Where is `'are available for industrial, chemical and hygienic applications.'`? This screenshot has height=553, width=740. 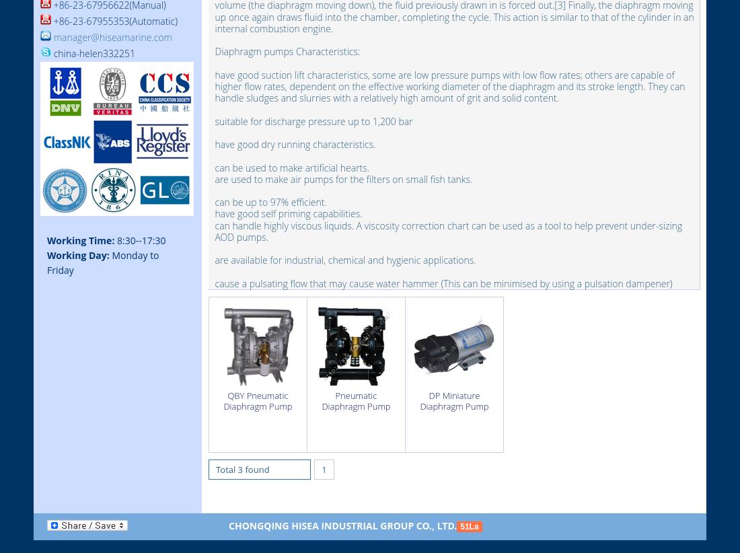
'are available for industrial, chemical and hygienic applications.' is located at coordinates (345, 260).